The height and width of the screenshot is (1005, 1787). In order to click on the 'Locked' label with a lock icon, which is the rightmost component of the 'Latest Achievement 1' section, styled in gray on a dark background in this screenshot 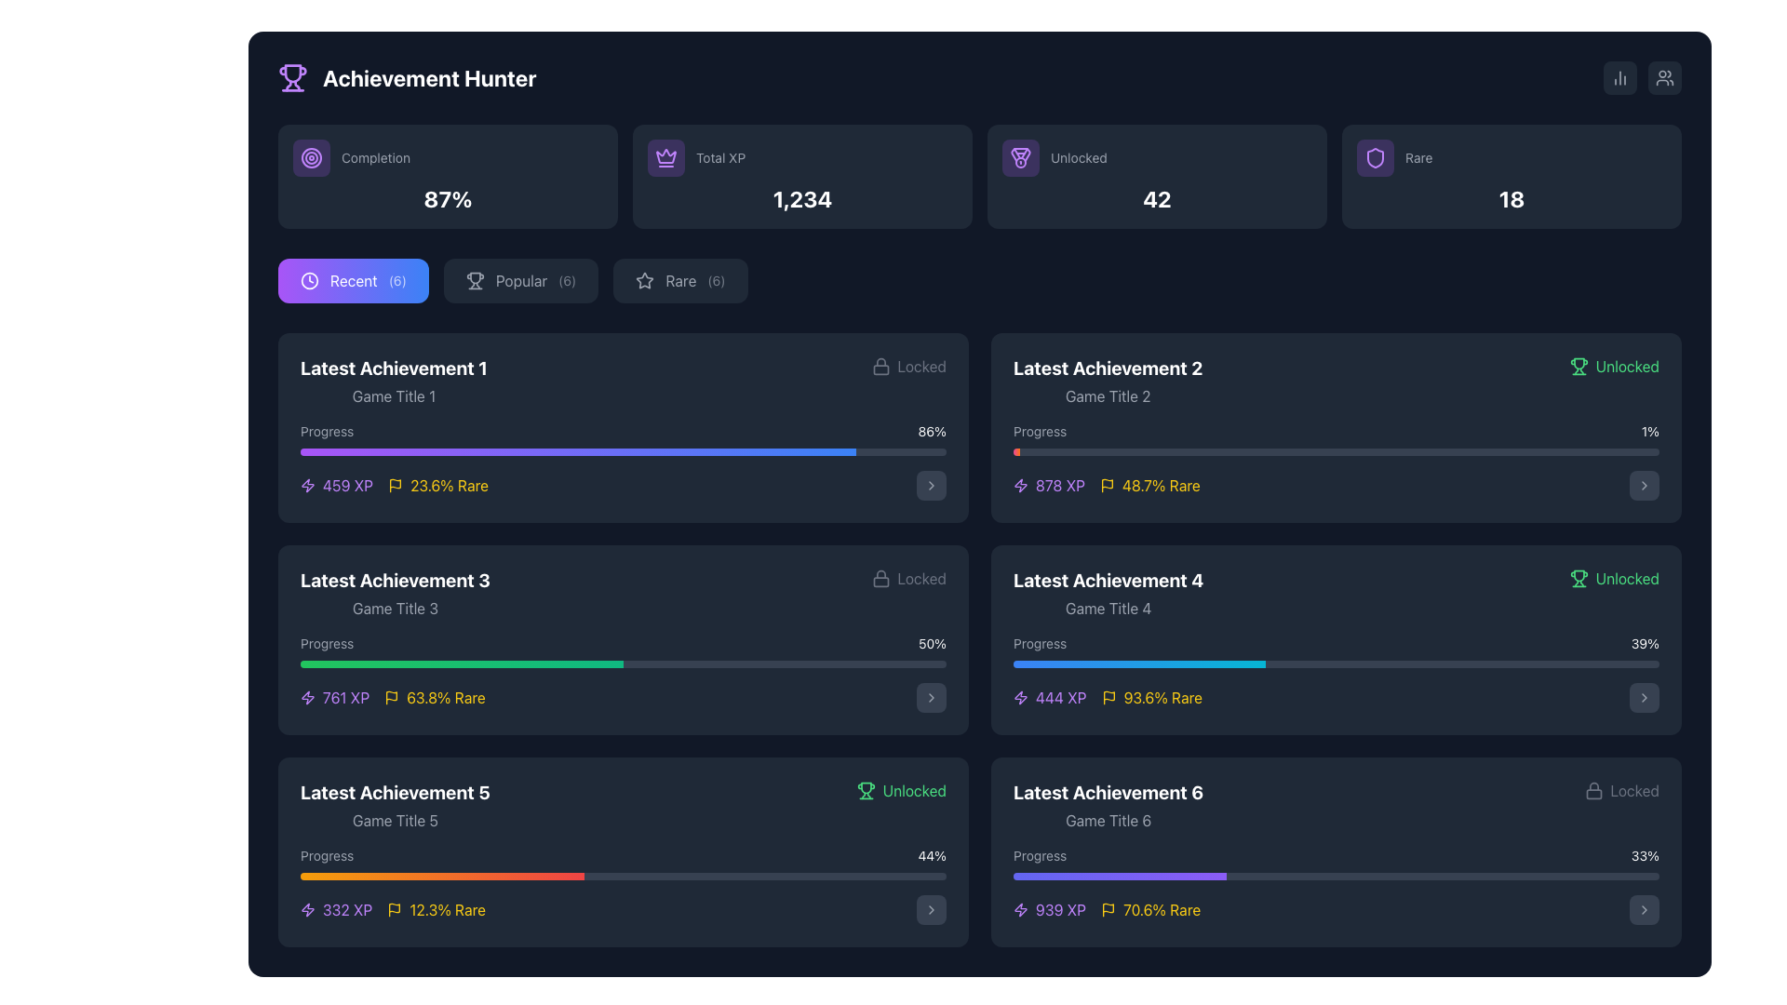, I will do `click(908, 366)`.